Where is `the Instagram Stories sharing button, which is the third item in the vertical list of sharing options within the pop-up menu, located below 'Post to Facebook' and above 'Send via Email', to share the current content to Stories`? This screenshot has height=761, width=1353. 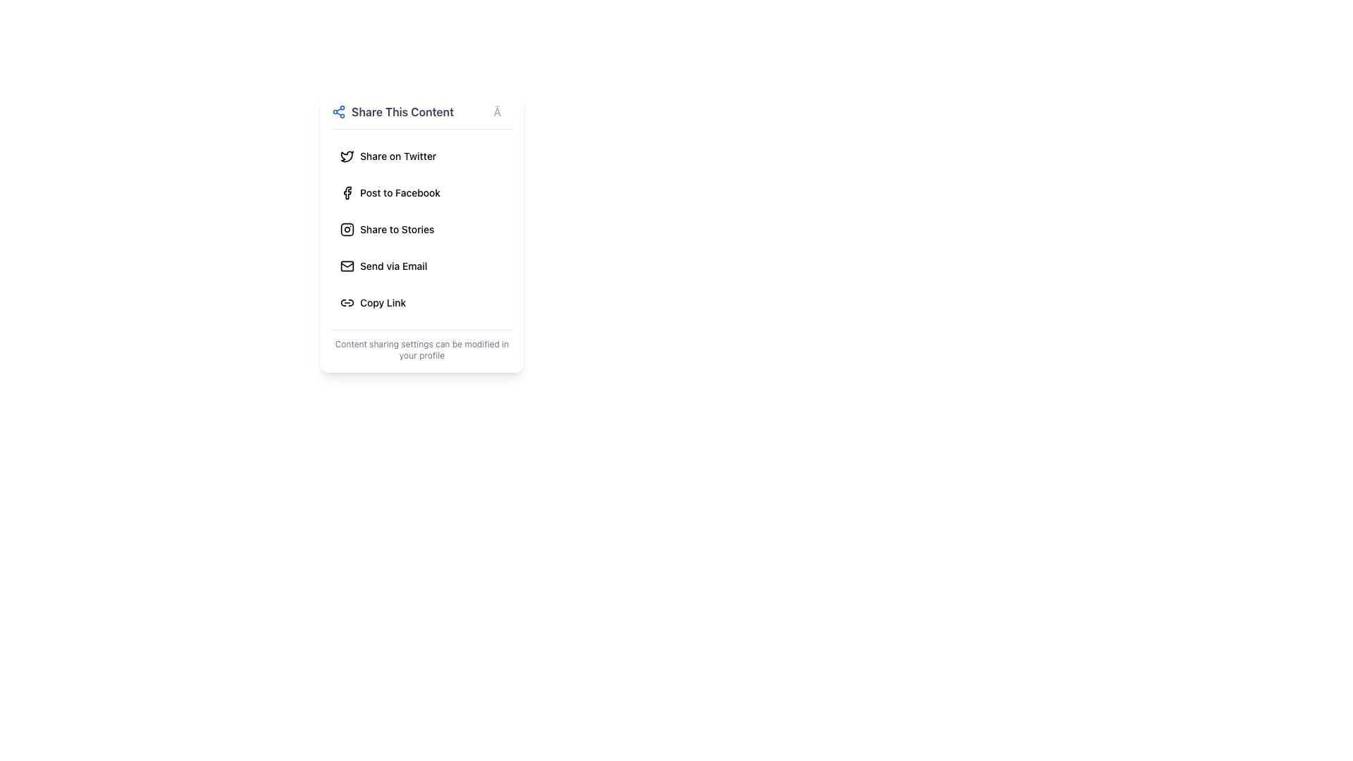
the Instagram Stories sharing button, which is the third item in the vertical list of sharing options within the pop-up menu, located below 'Post to Facebook' and above 'Send via Email', to share the current content to Stories is located at coordinates (421, 229).